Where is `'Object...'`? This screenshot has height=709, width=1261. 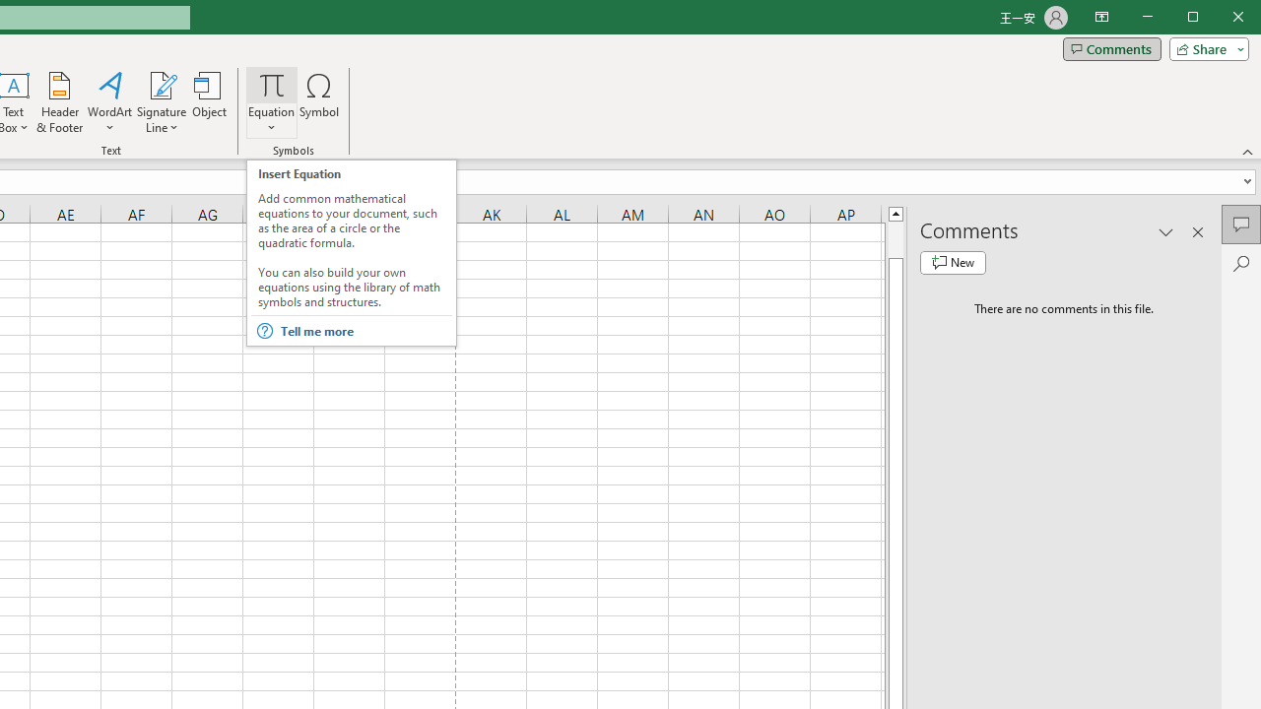 'Object...' is located at coordinates (210, 102).